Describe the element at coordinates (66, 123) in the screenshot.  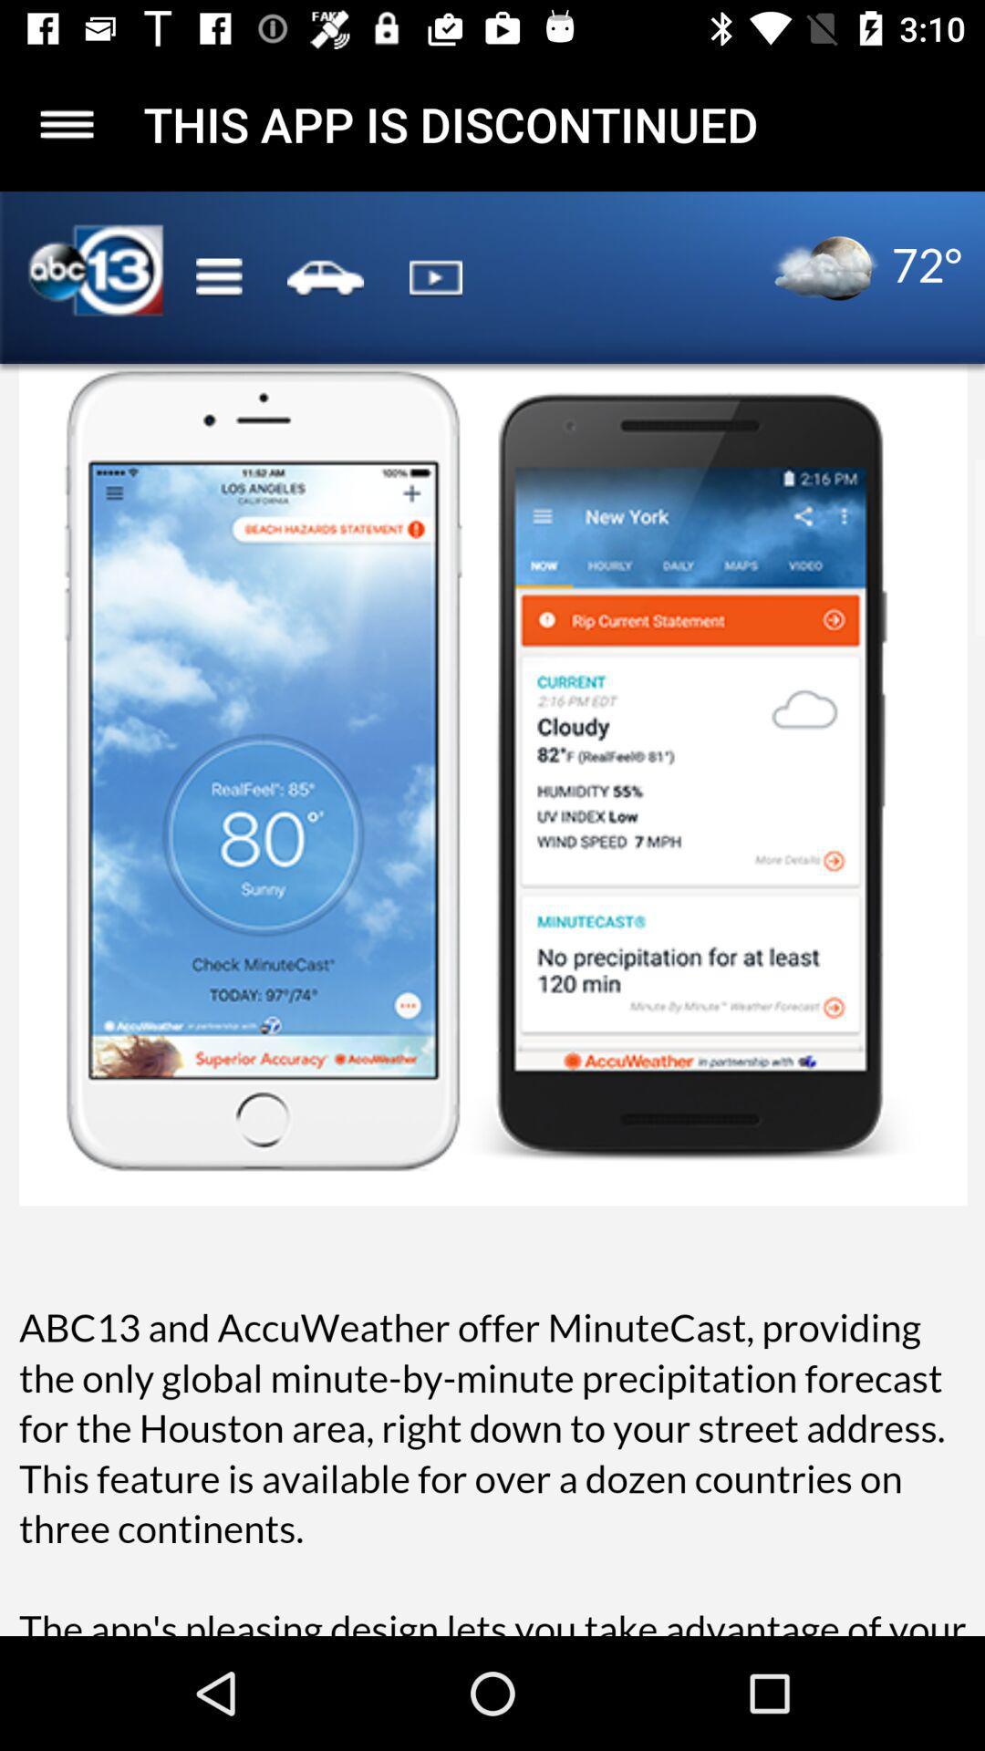
I see `the menu icon` at that location.